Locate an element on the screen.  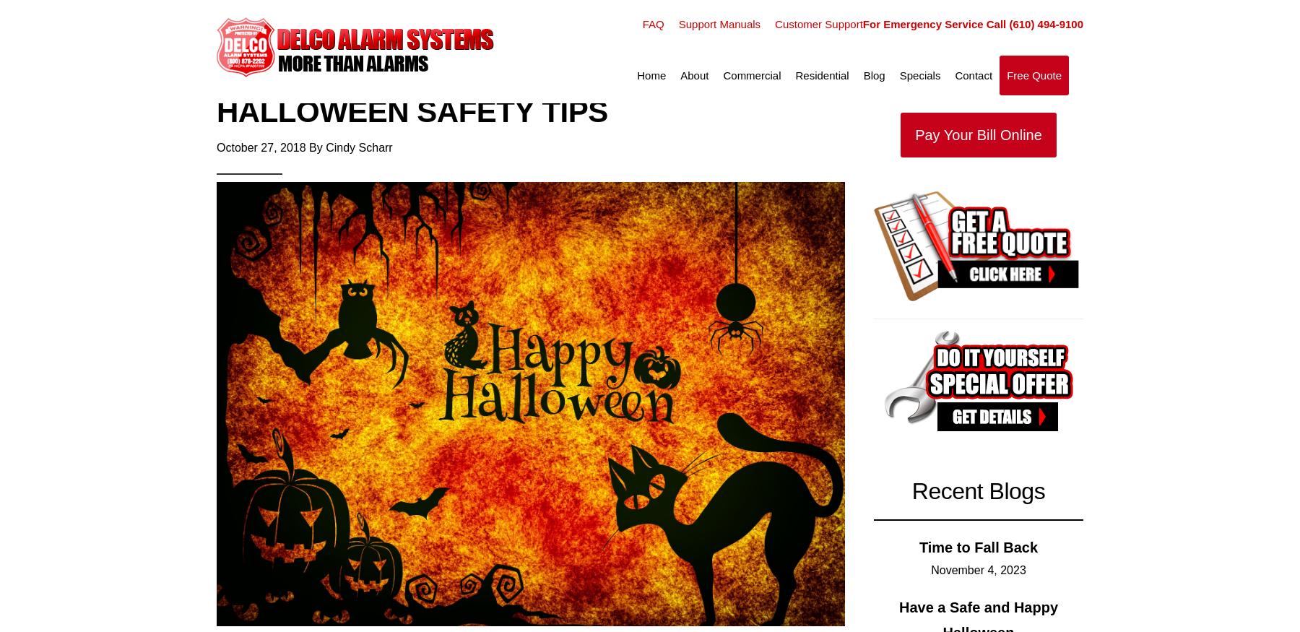
'For Emergency Service Call (610) 494-9100' is located at coordinates (972, 23).